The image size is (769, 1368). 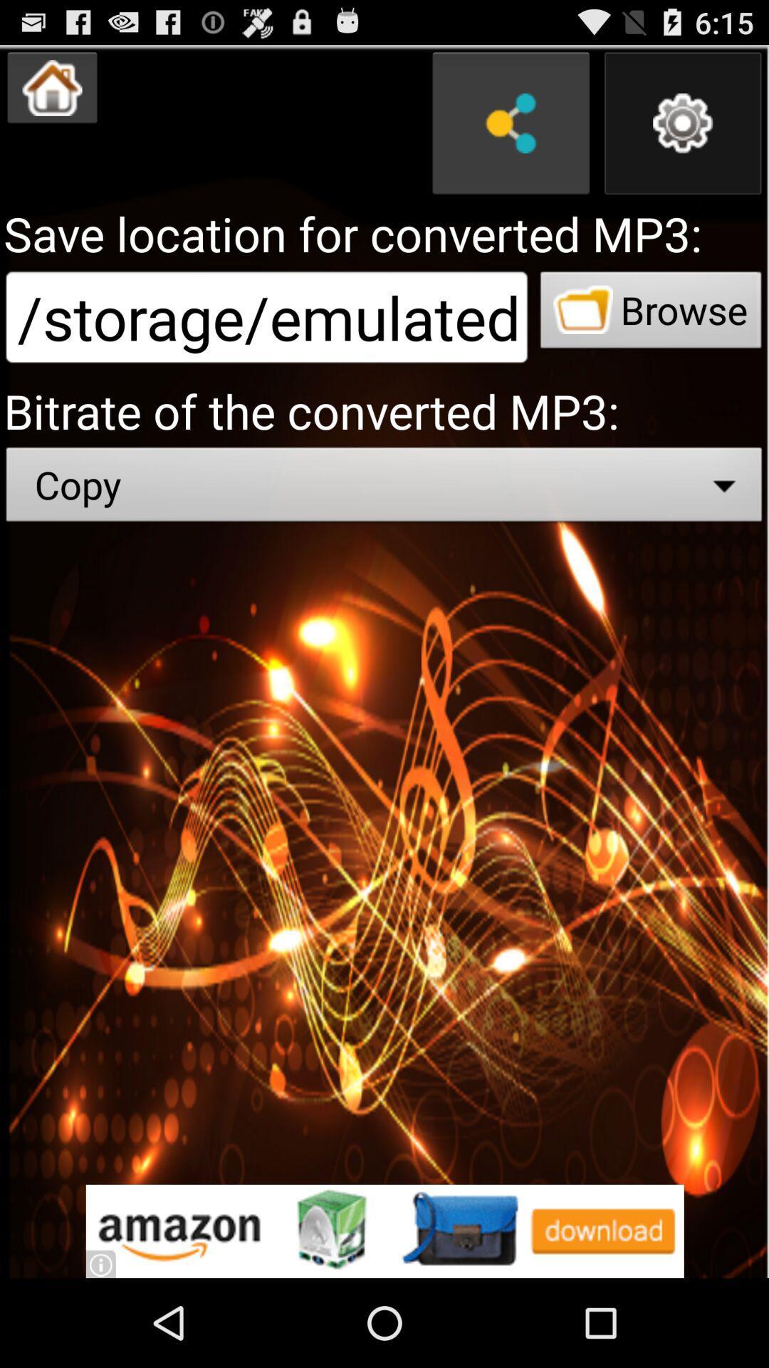 I want to click on open advertisement, so click(x=384, y=1230).